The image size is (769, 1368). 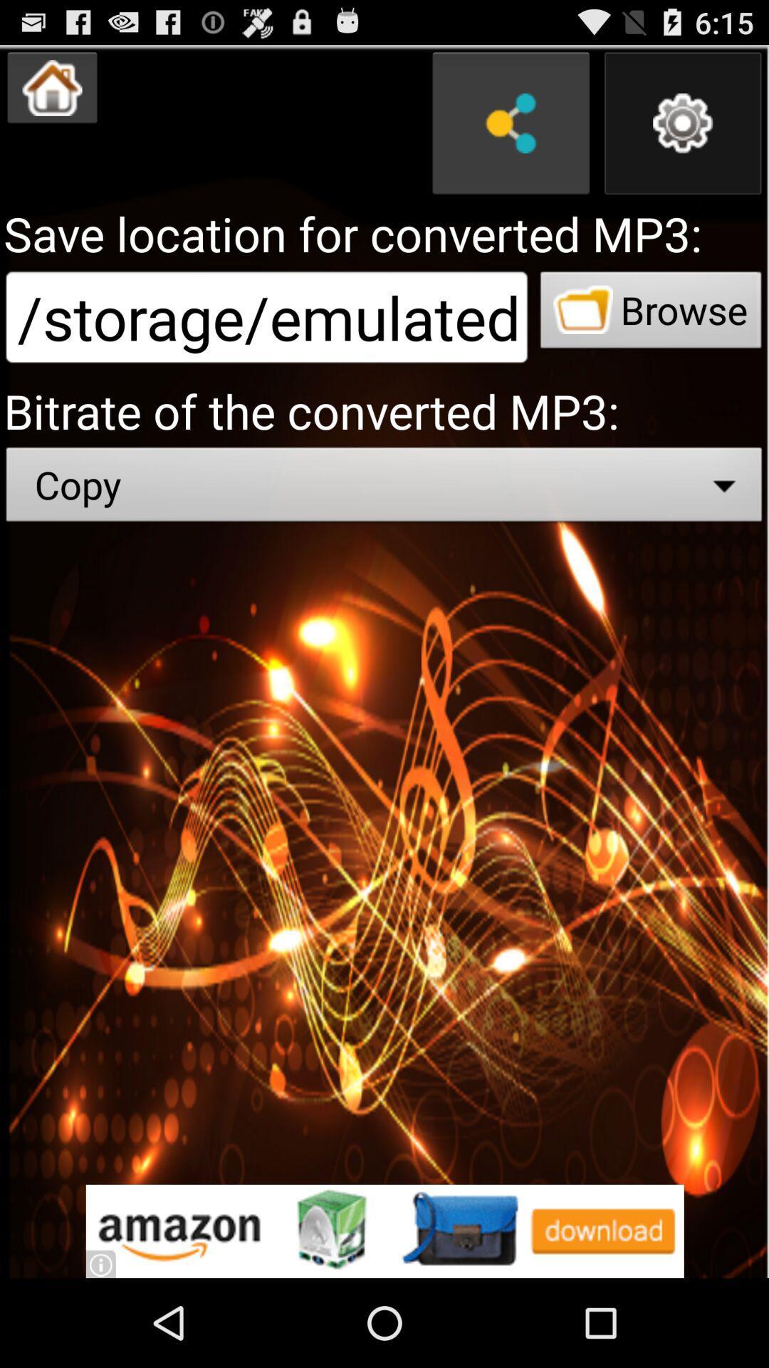 I want to click on open advertisement, so click(x=384, y=1230).